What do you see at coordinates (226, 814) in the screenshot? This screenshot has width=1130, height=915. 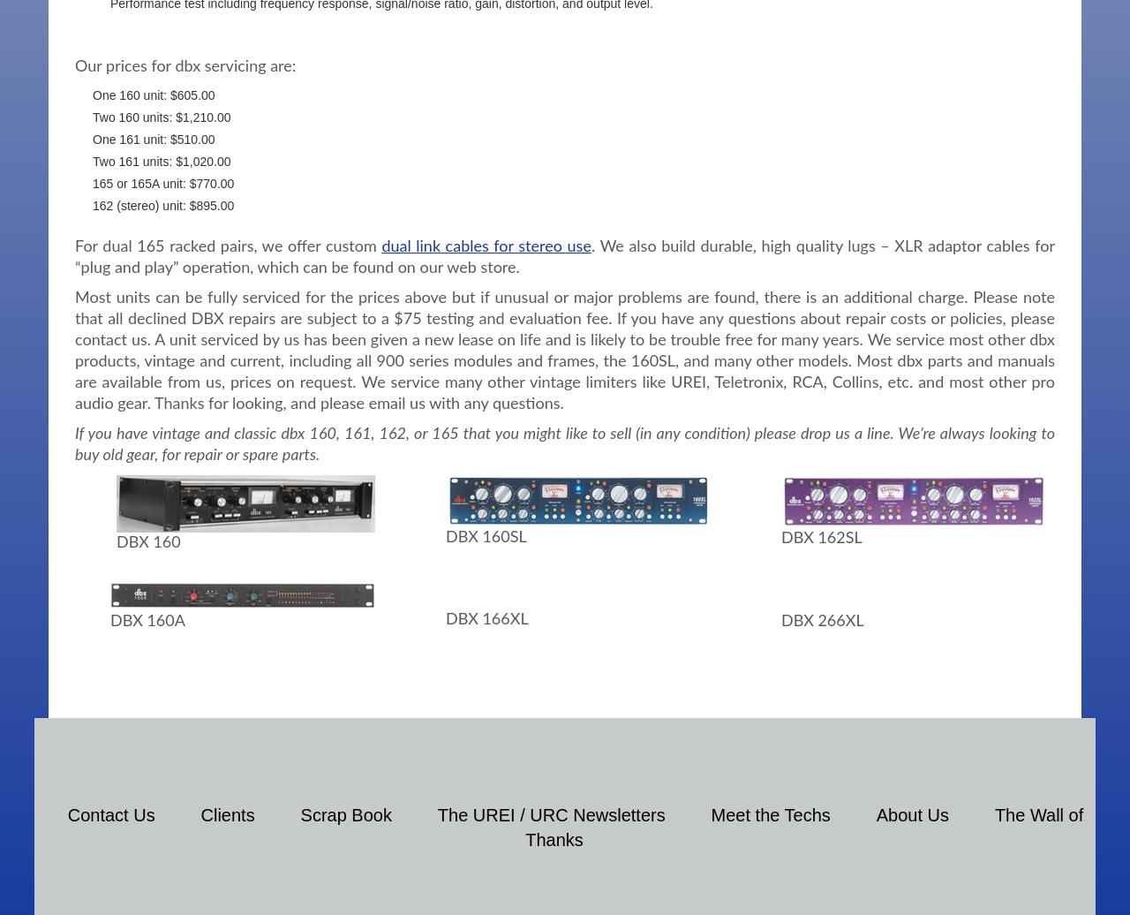 I see `'Clients'` at bounding box center [226, 814].